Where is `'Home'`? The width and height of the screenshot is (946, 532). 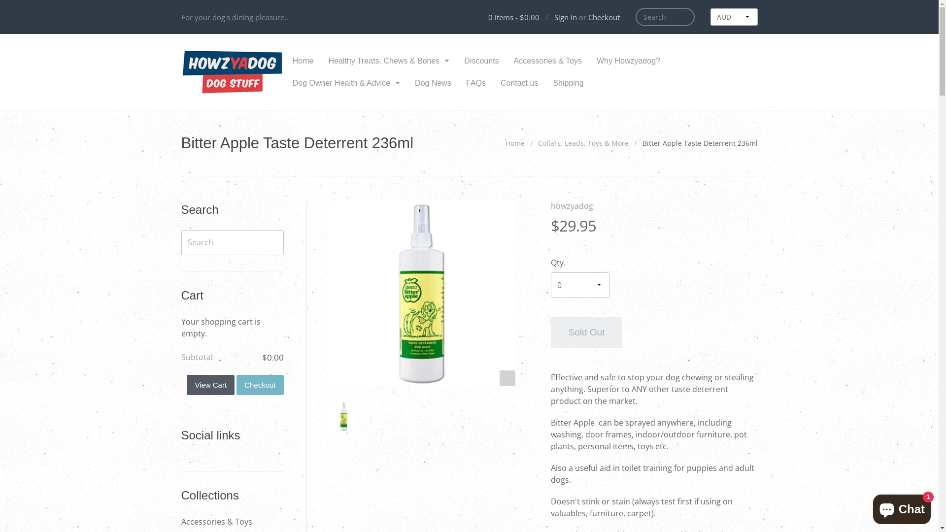 'Home' is located at coordinates (303, 61).